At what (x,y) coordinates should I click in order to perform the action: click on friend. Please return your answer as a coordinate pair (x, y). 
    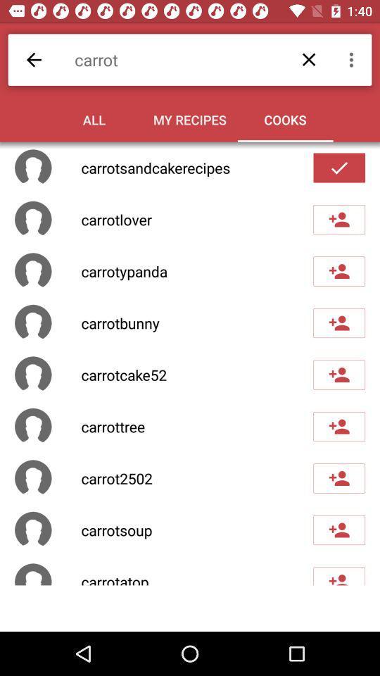
    Looking at the image, I should click on (338, 425).